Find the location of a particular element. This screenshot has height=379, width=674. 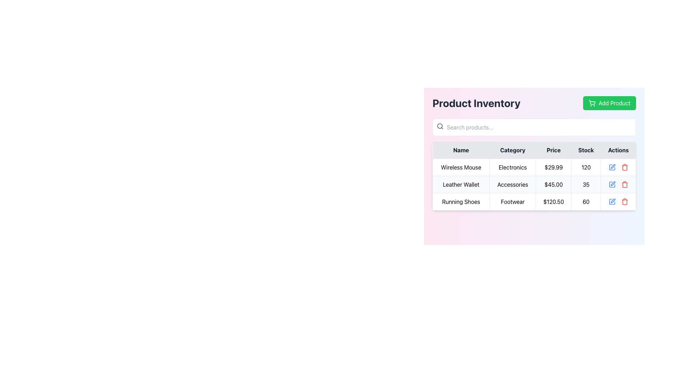

the action menu group of icons located in the 'Actions' cell of the first table row is located at coordinates (618, 167).